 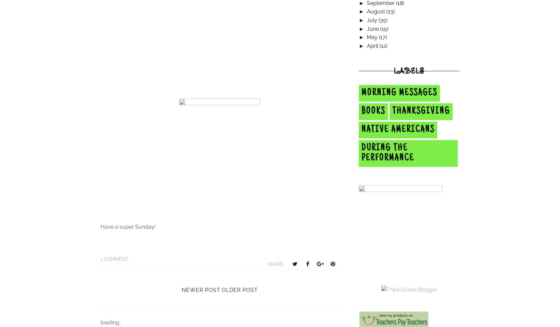 What do you see at coordinates (383, 28) in the screenshot?
I see `'(15)'` at bounding box center [383, 28].